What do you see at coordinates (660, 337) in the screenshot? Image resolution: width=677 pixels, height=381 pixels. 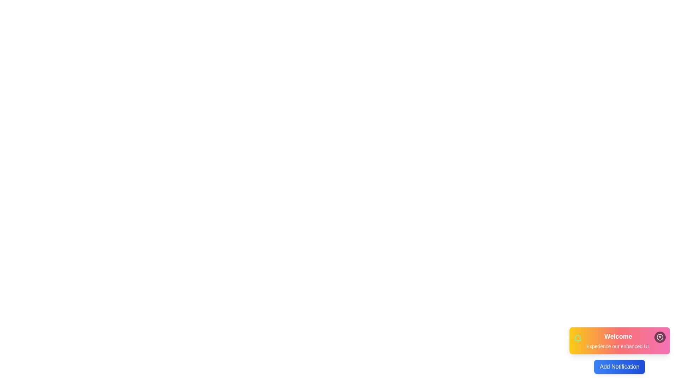 I see `the circular SVG component that serves as a dismiss or close button within the notification widget located in the bottom-right corner of the interface` at bounding box center [660, 337].